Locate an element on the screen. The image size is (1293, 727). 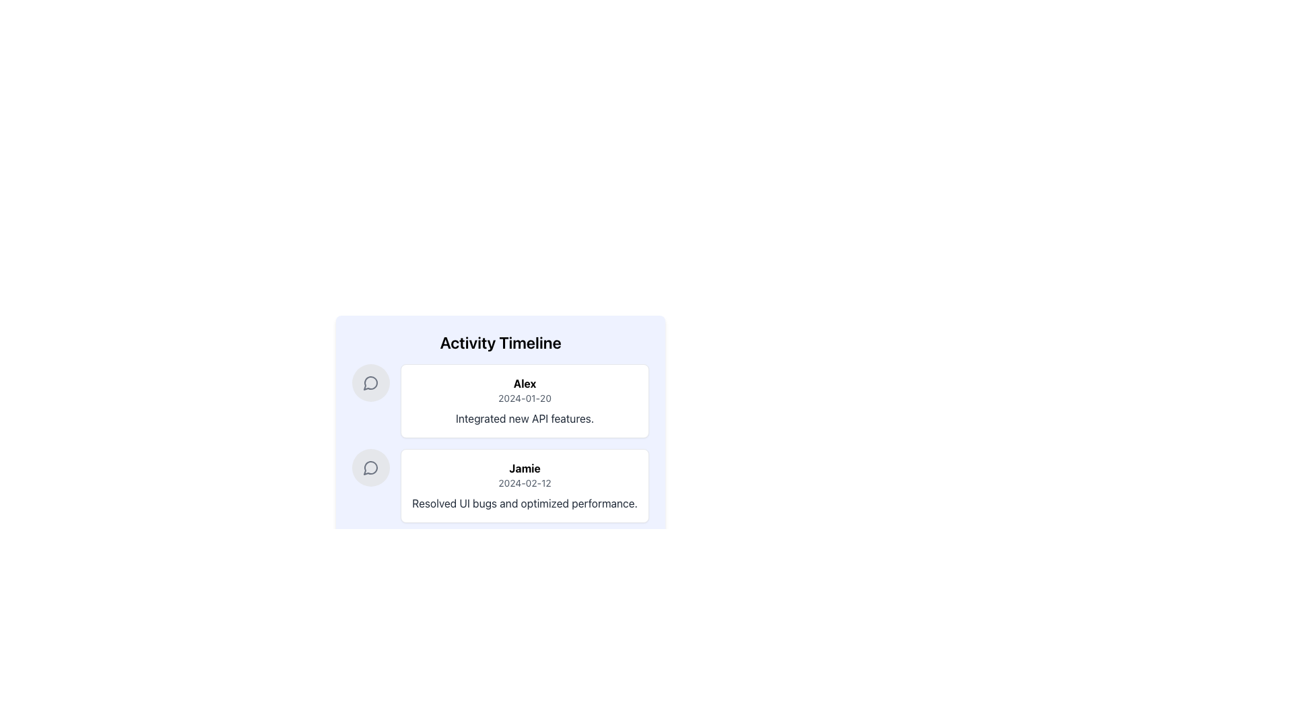
the static text element displaying 'Integrated new API features.' which is located under the entry labeled 'Alex' in the Activity Timeline section is located at coordinates (524, 417).